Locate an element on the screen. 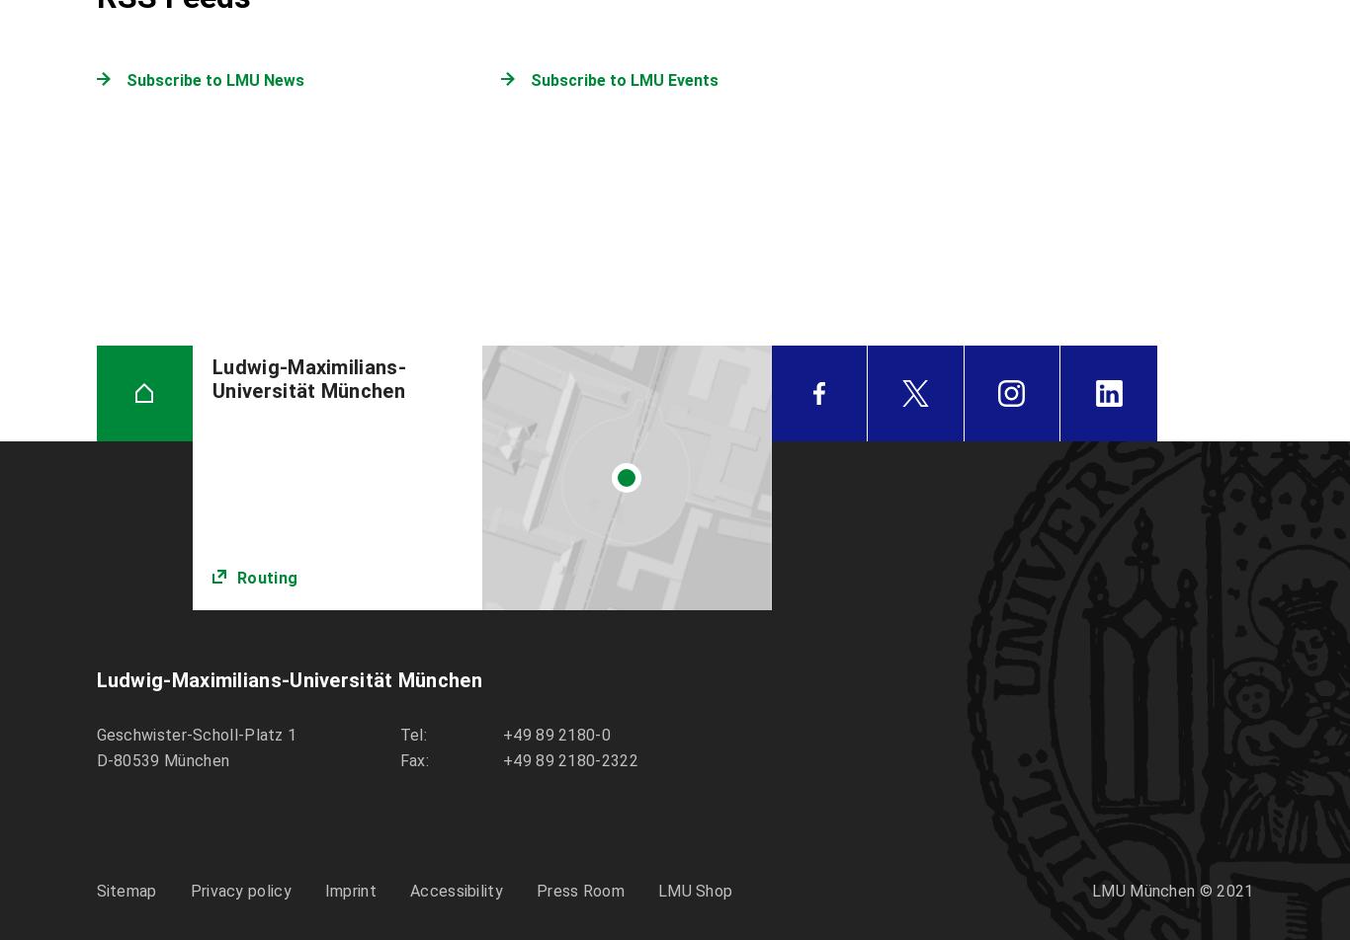  'Accessibility' is located at coordinates (456, 891).